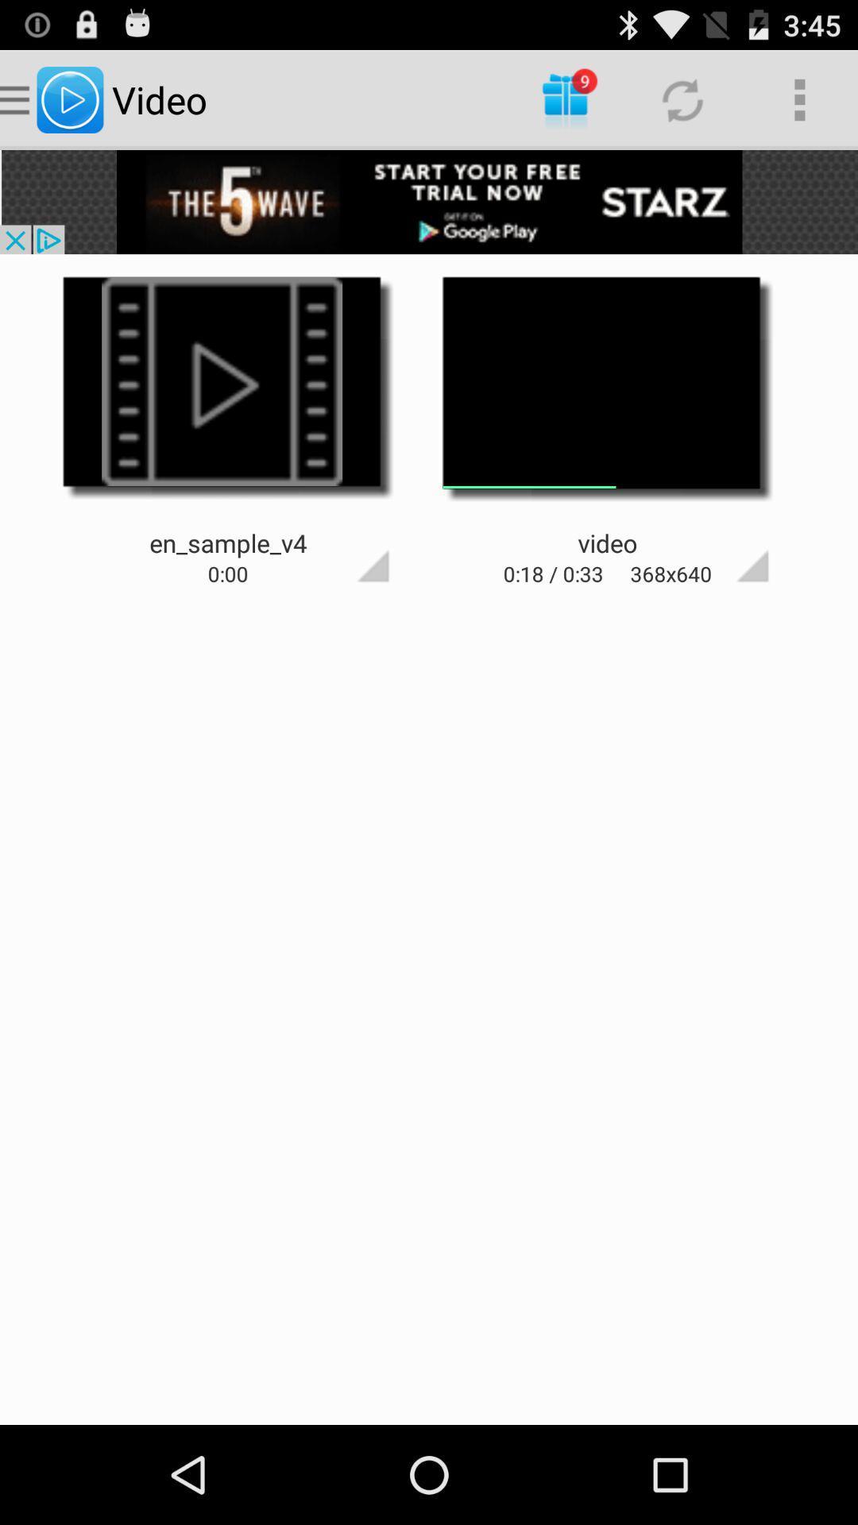 This screenshot has width=858, height=1525. Describe the element at coordinates (724, 538) in the screenshot. I see `expand video button` at that location.